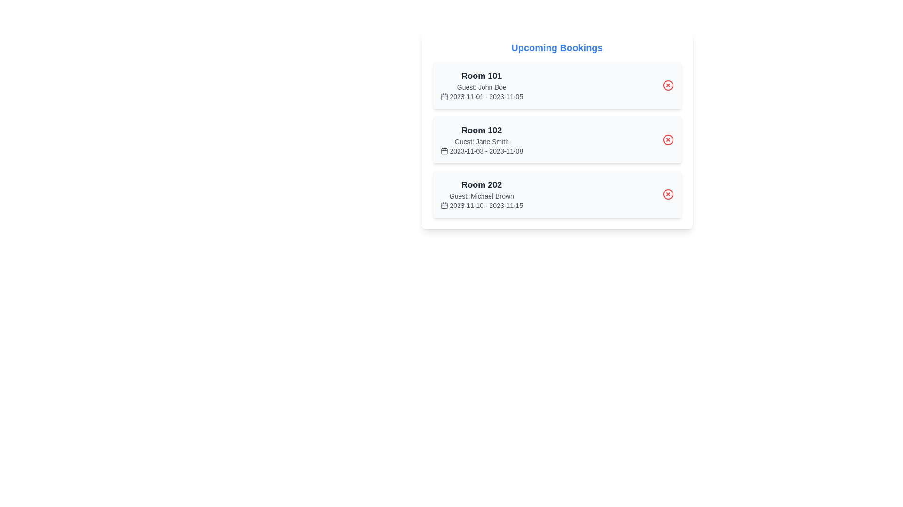  Describe the element at coordinates (557, 85) in the screenshot. I see `the booking card for the specific room, which displays the room number, guest's name, and booking dates, located at the top of the list` at that location.